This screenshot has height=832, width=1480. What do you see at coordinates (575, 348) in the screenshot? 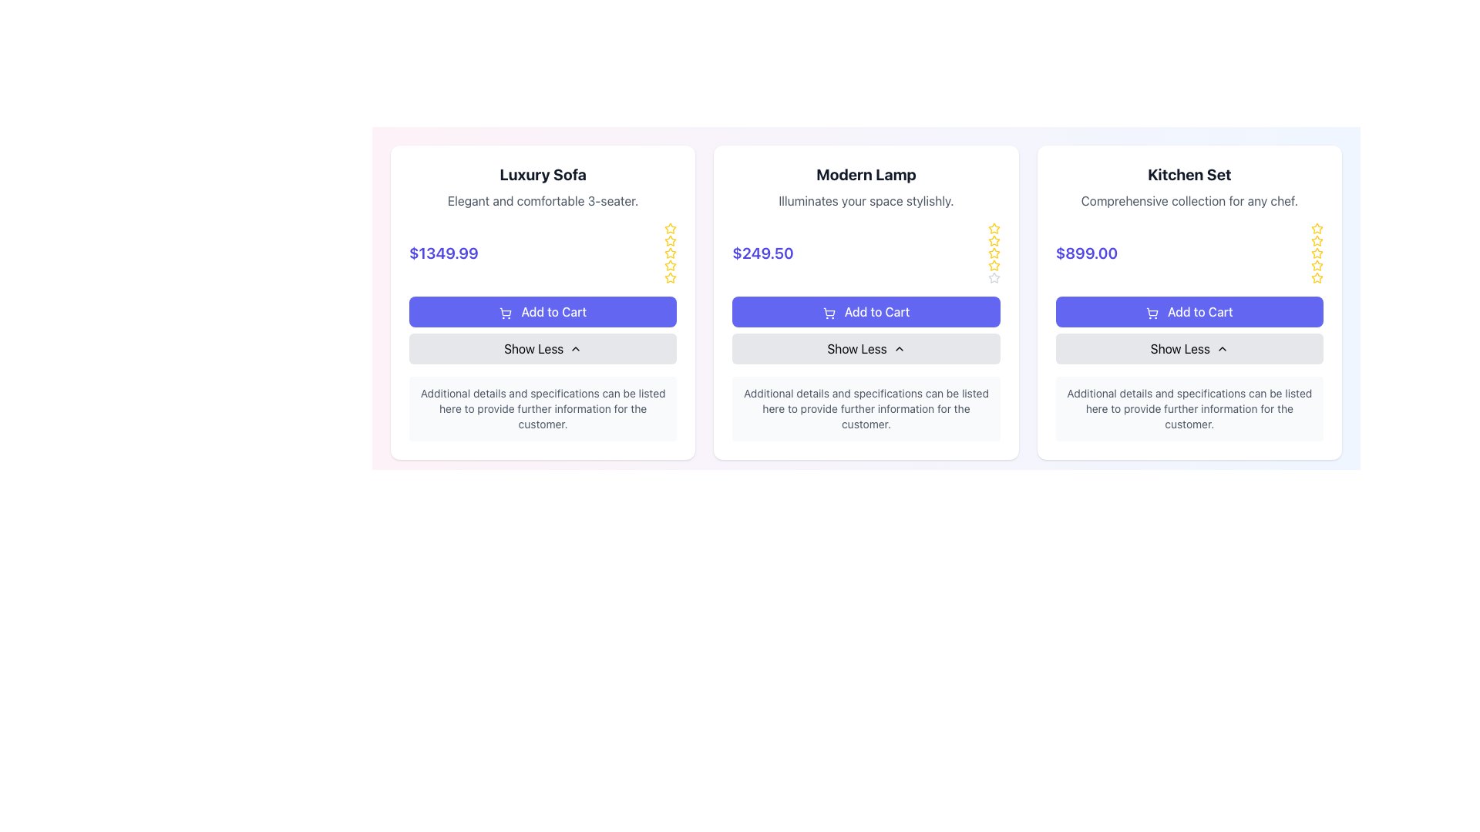
I see `the Toggle icon (upward-pointing chevron) located in the top-right corner of the 'Show Less' button for the Modern Lamp card to collapse the expanded card details` at bounding box center [575, 348].